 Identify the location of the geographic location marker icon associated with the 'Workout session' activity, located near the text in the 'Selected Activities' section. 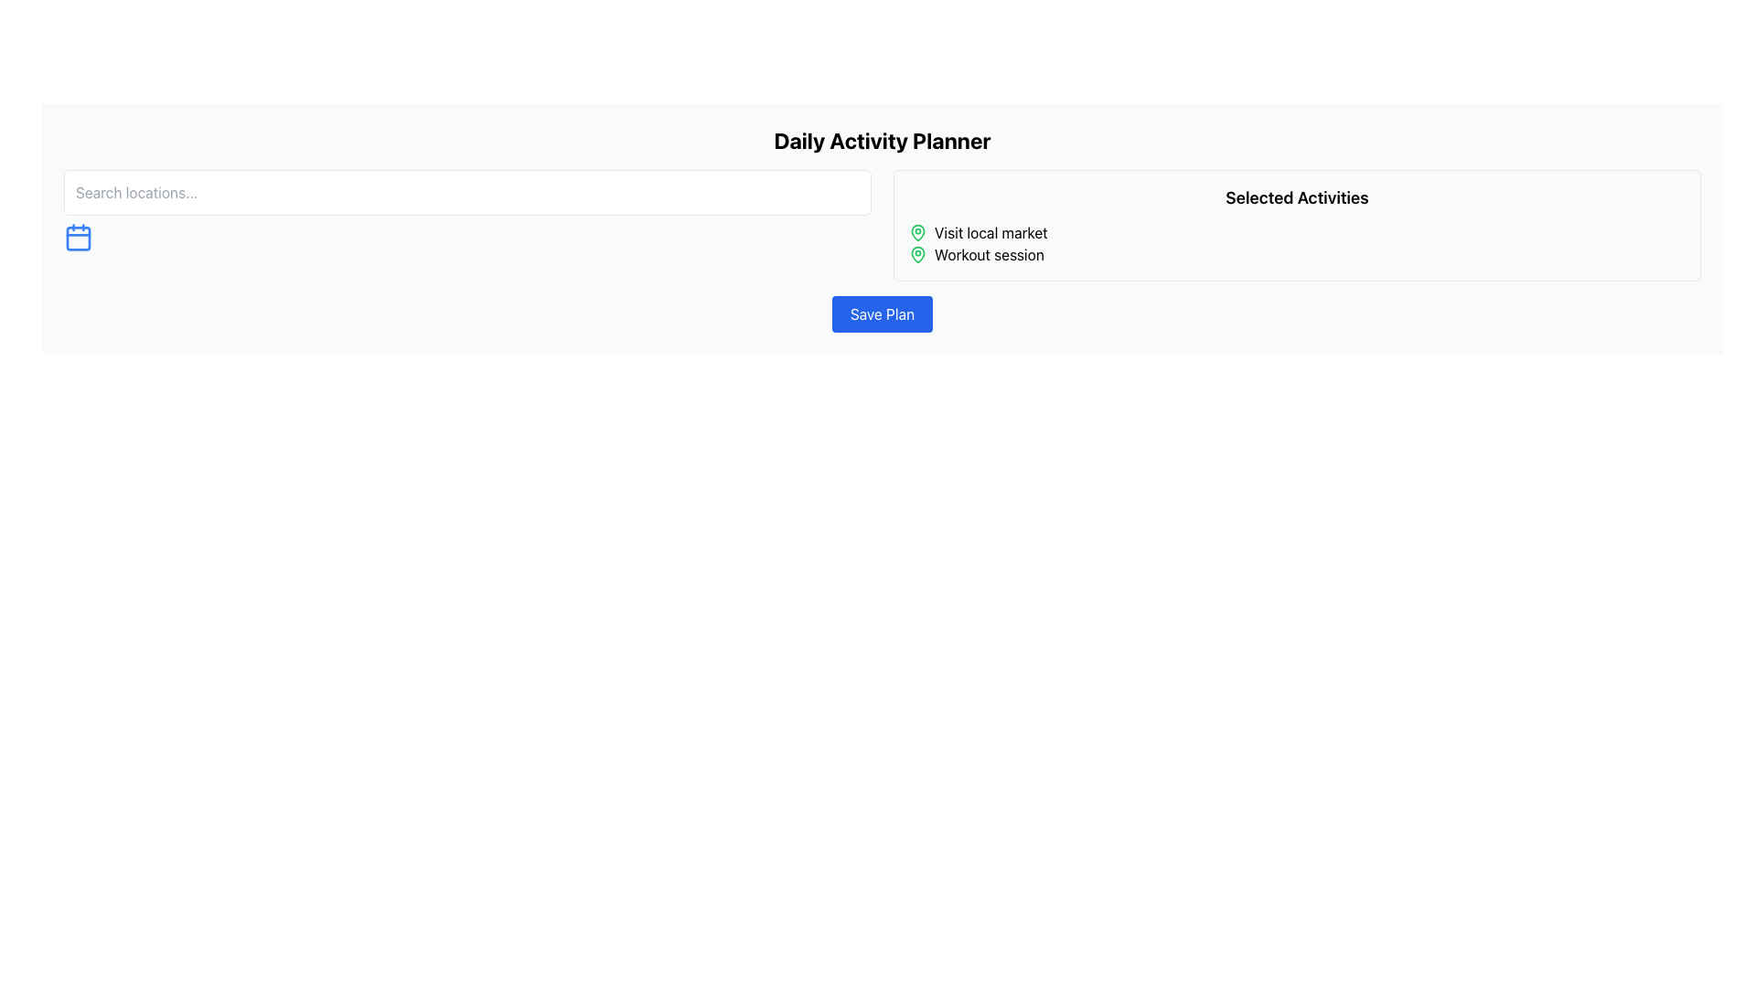
(917, 231).